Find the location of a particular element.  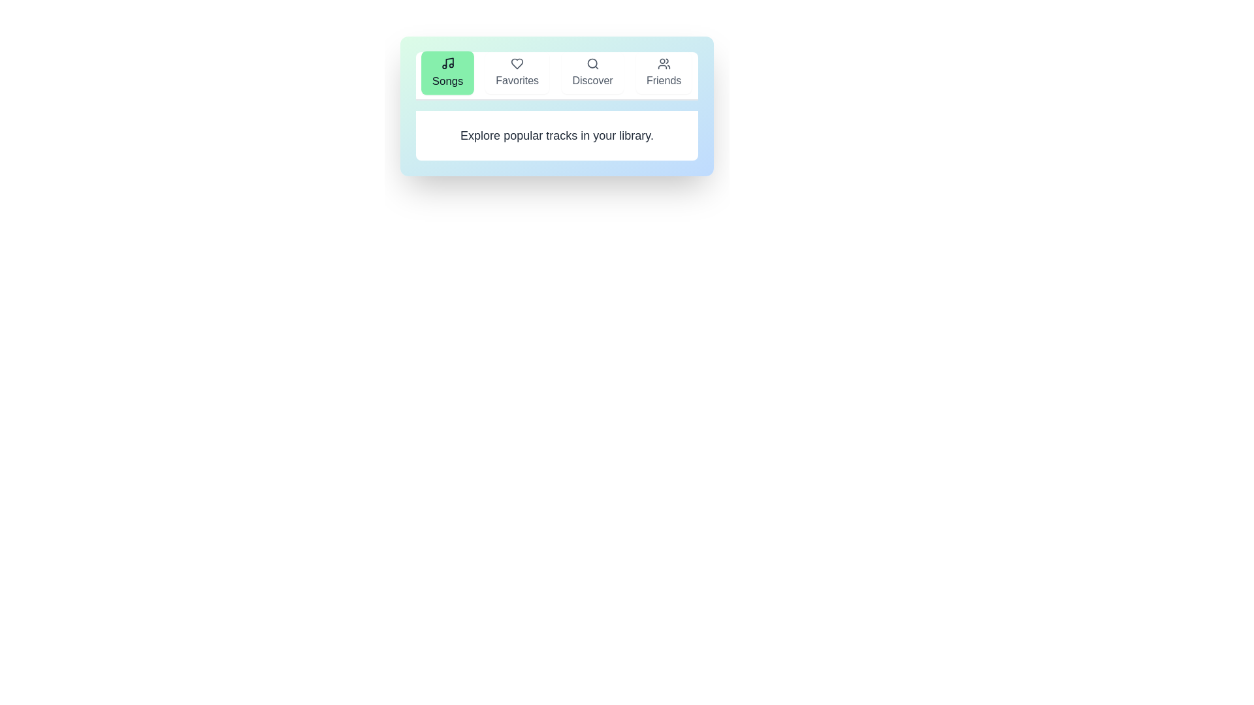

the tab labeled Friends to observe its hover styling is located at coordinates (664, 72).